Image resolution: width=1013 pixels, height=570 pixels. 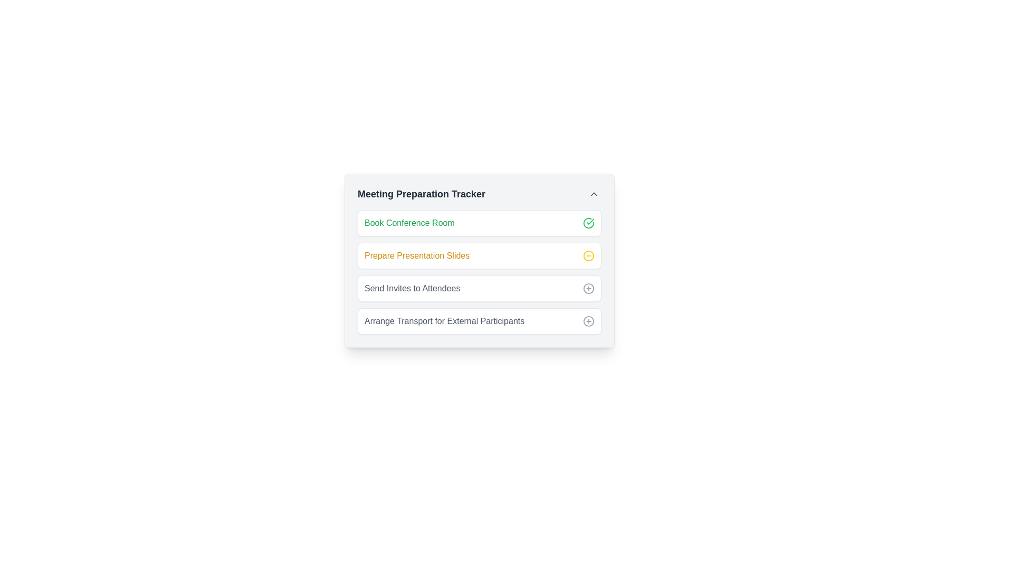 I want to click on circular plus icon element located in the fourth row of the list under 'Meeting Preparation Tracker', to the right of 'Arrange Transport for External Participants' using developer tools, so click(x=588, y=321).